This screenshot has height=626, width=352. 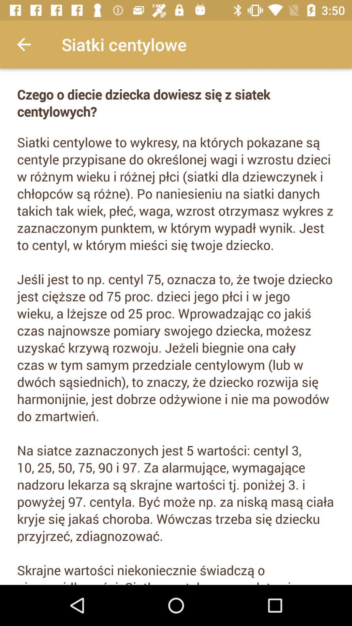 What do you see at coordinates (176, 102) in the screenshot?
I see `the czego o diecie` at bounding box center [176, 102].